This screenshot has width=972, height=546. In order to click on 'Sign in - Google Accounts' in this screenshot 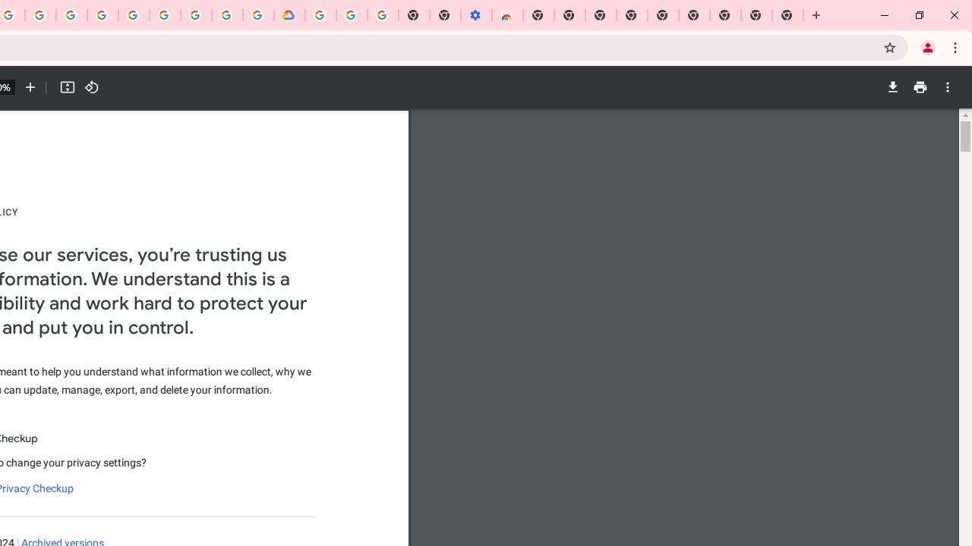, I will do `click(320, 15)`.